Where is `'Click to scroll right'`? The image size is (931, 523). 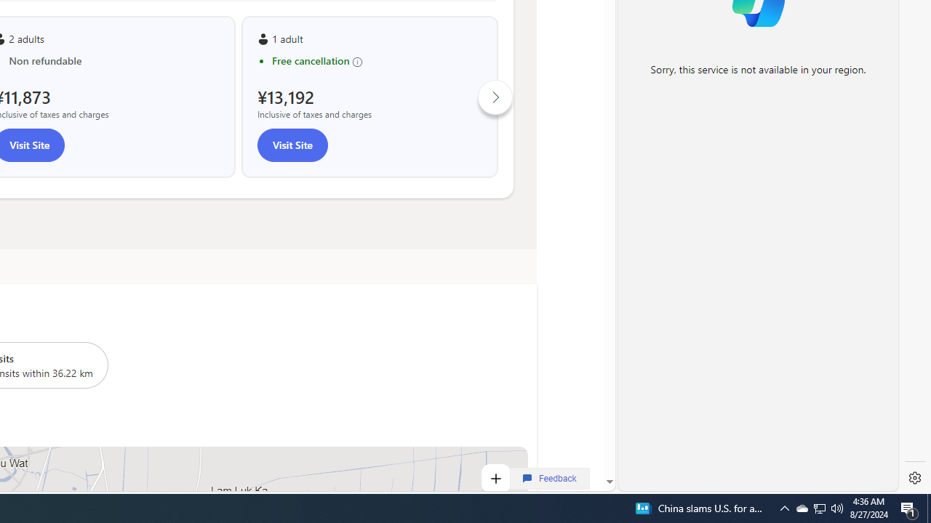 'Click to scroll right' is located at coordinates (495, 97).